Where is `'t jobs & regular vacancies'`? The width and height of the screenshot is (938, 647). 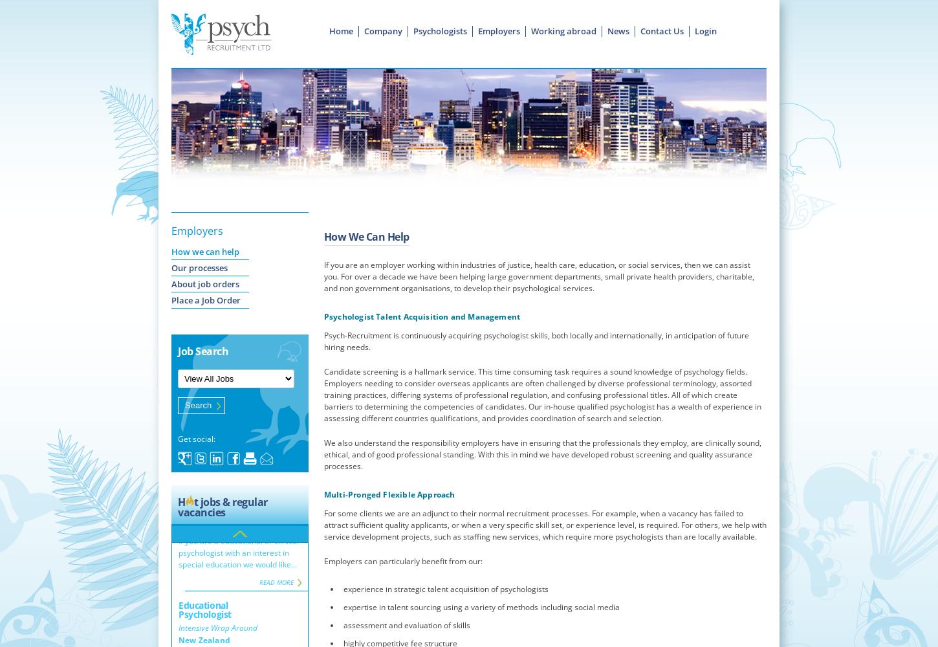 't jobs & regular vacancies' is located at coordinates (222, 507).